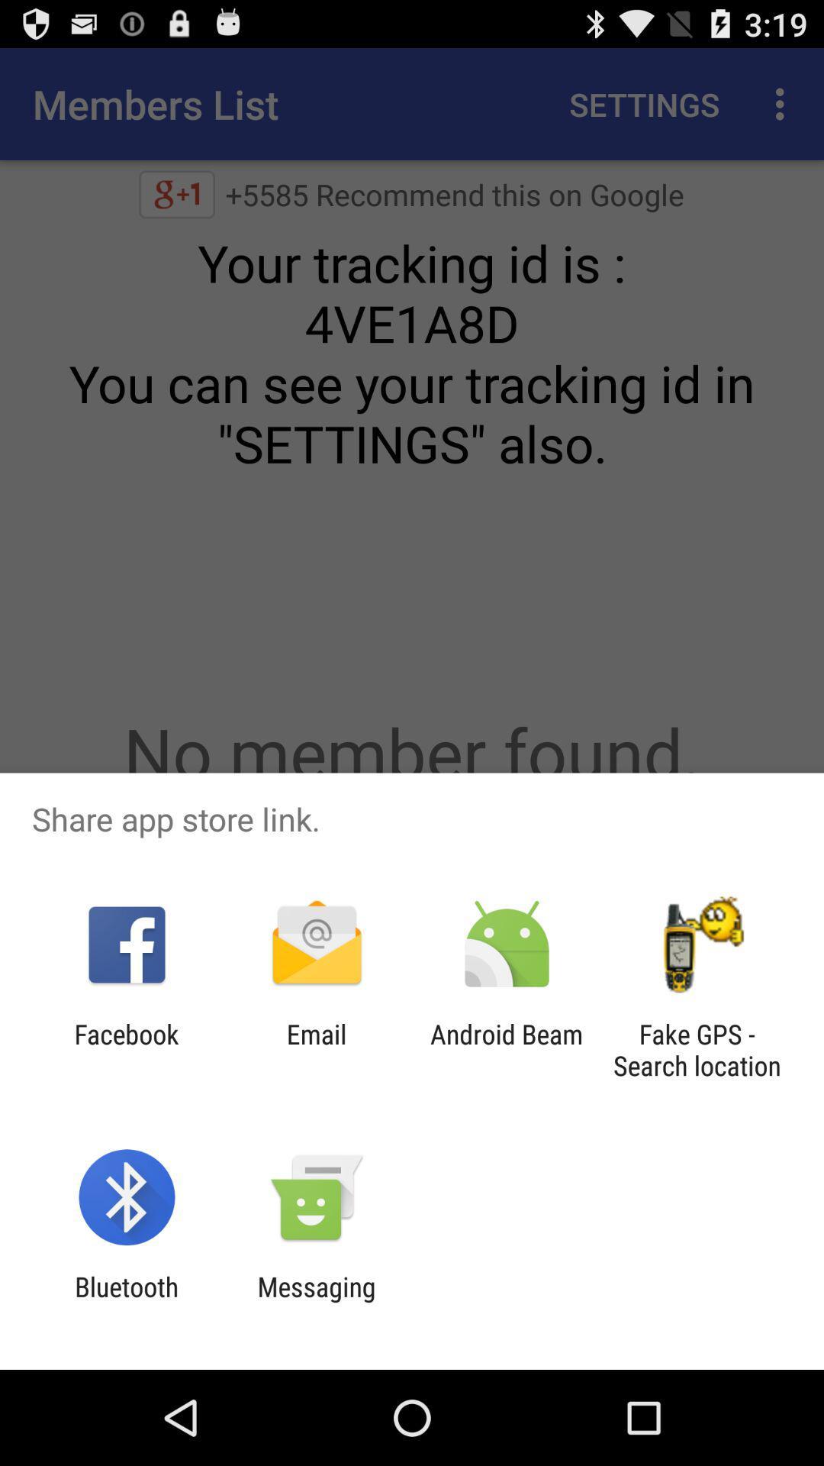  I want to click on the item to the right of the bluetooth app, so click(316, 1302).